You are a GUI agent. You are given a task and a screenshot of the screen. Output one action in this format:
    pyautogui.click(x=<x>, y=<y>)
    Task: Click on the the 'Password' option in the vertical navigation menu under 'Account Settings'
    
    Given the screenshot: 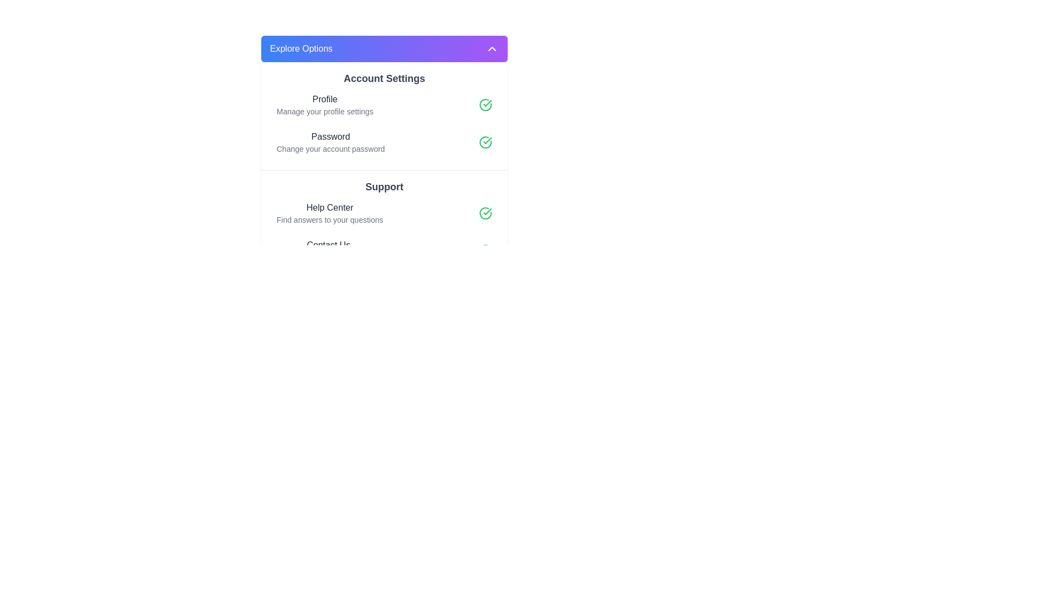 What is the action you would take?
    pyautogui.click(x=384, y=141)
    